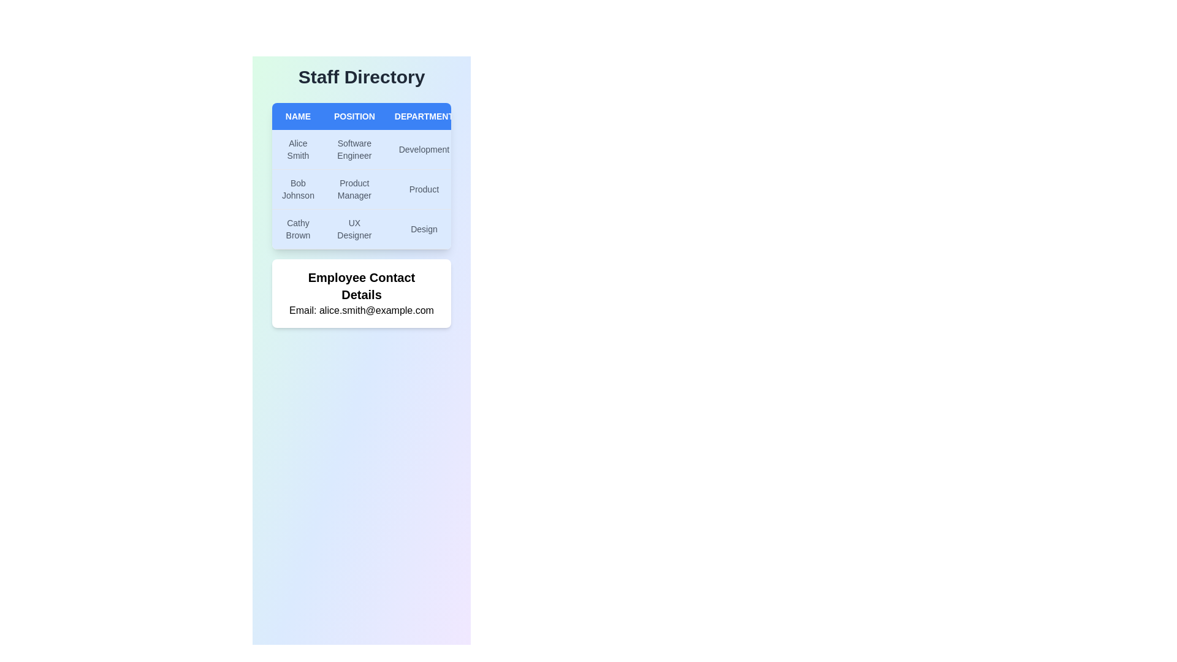 The width and height of the screenshot is (1177, 662). Describe the element at coordinates (361, 310) in the screenshot. I see `the email address 'alice.smith@example.com' displayed in the Plain Text element located within the 'Employee Contact Details' card` at that location.